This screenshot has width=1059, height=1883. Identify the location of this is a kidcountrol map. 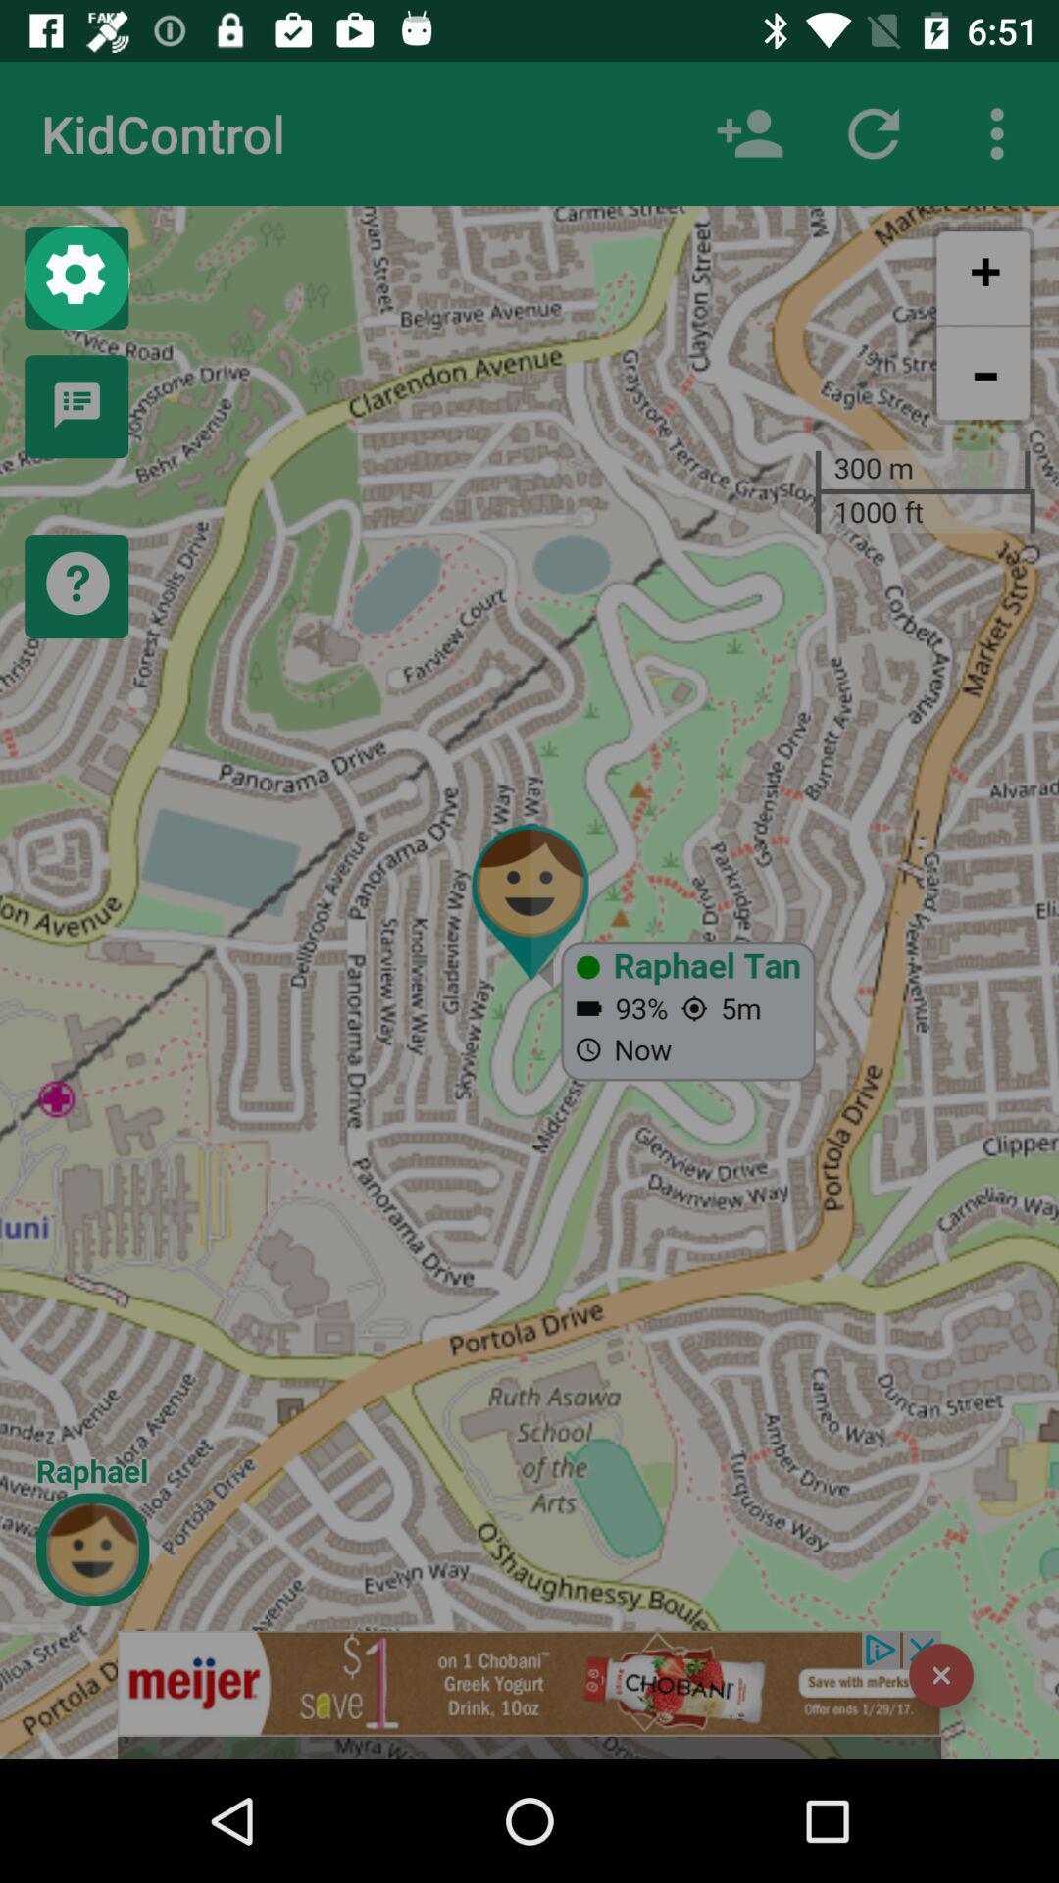
(529, 1694).